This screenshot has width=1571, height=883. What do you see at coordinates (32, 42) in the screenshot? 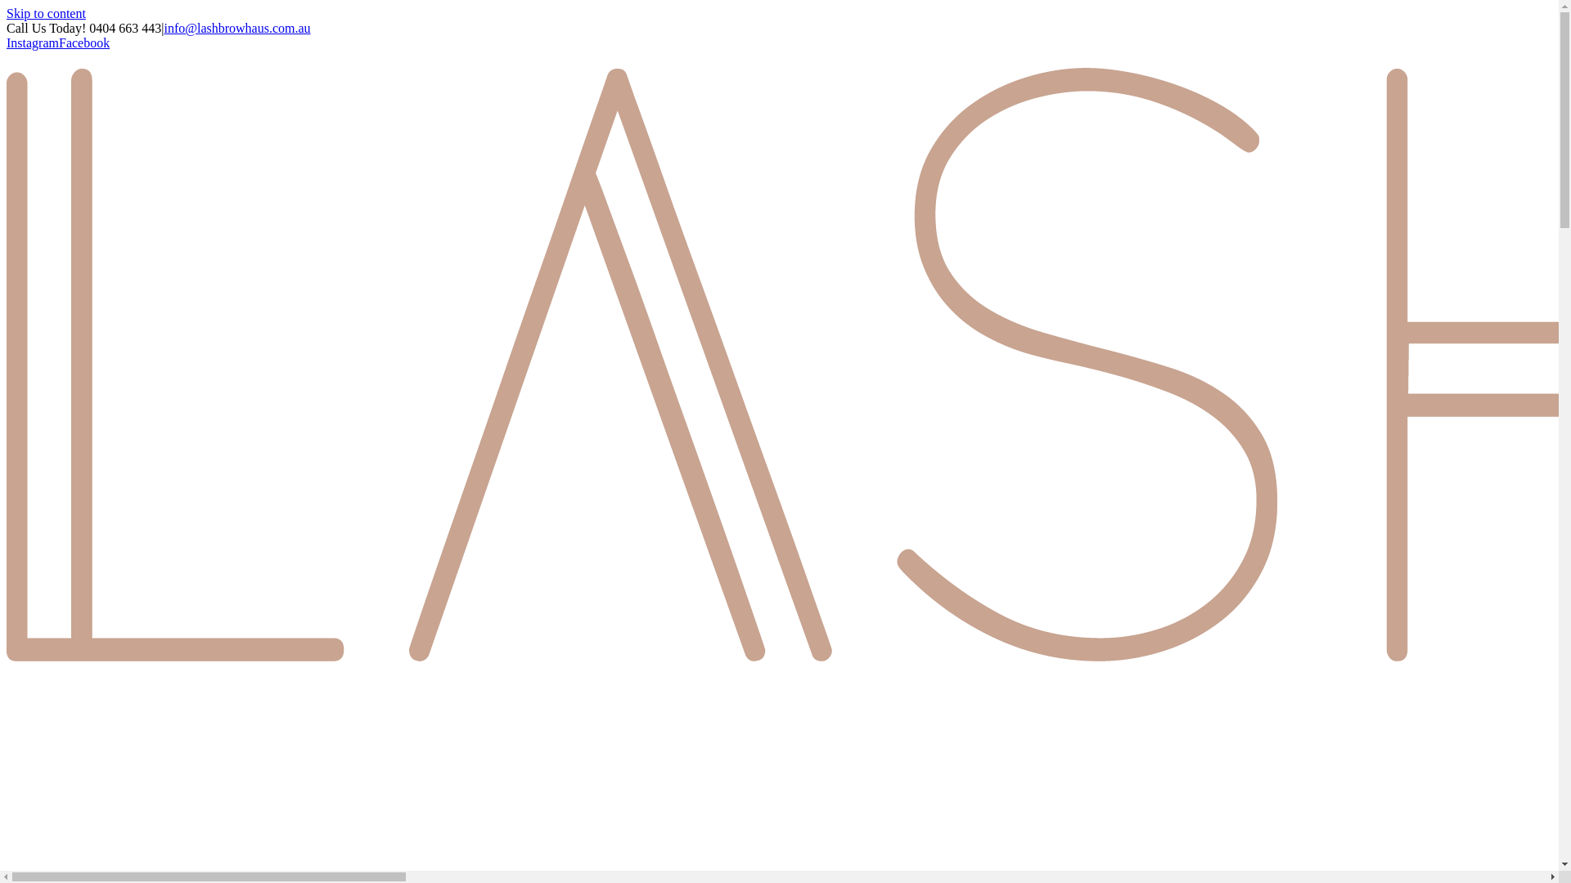
I see `'Instagram'` at bounding box center [32, 42].